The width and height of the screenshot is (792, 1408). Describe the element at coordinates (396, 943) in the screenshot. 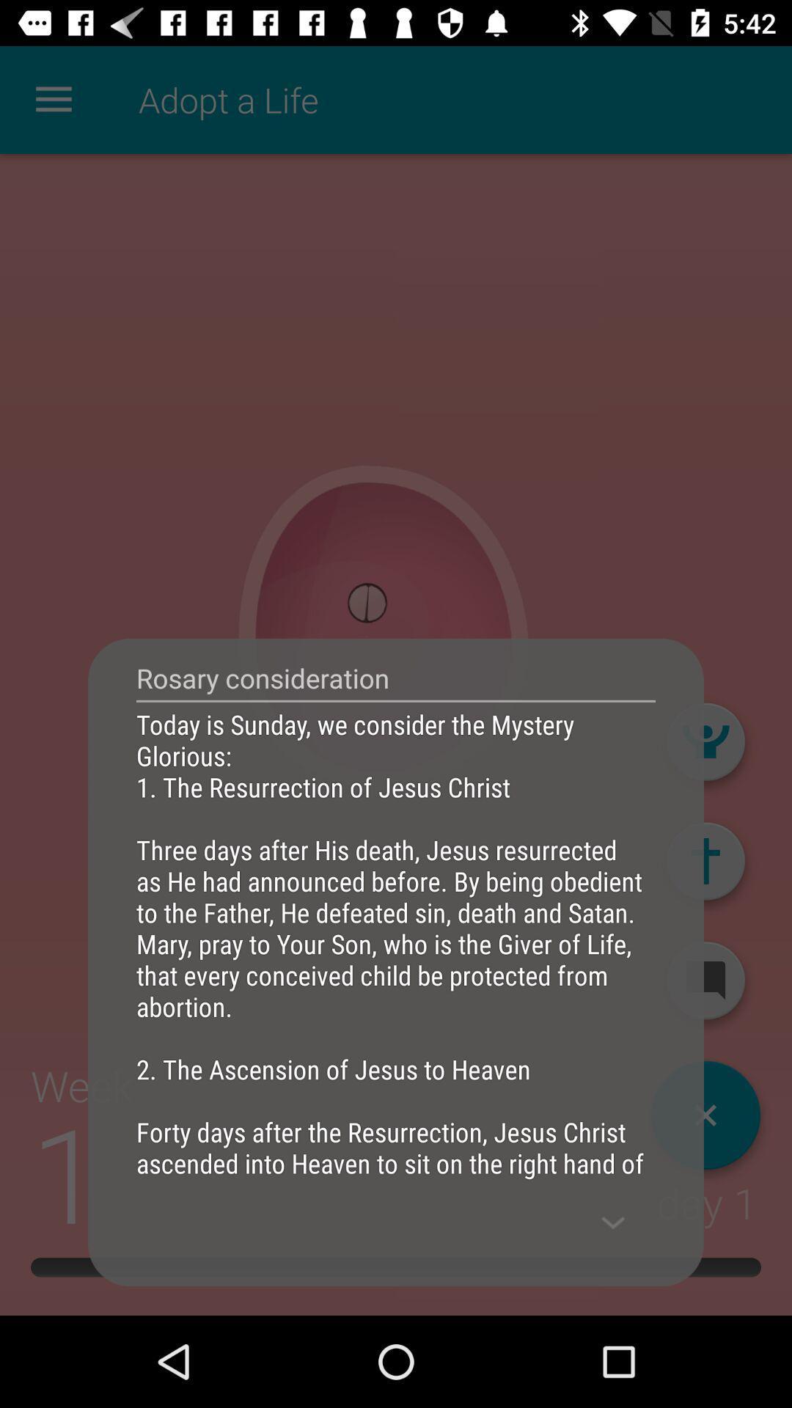

I see `today is sunday at the bottom` at that location.